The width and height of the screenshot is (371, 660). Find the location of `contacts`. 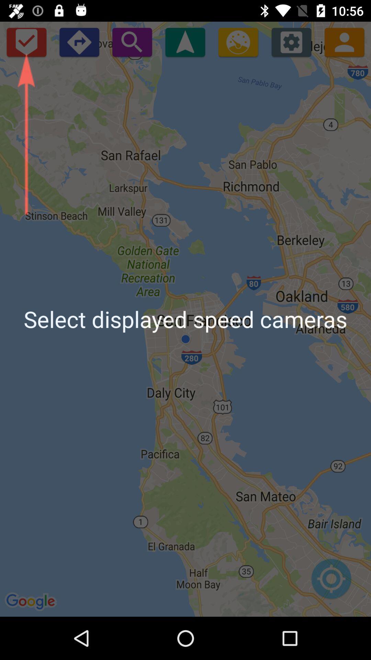

contacts is located at coordinates (344, 42).